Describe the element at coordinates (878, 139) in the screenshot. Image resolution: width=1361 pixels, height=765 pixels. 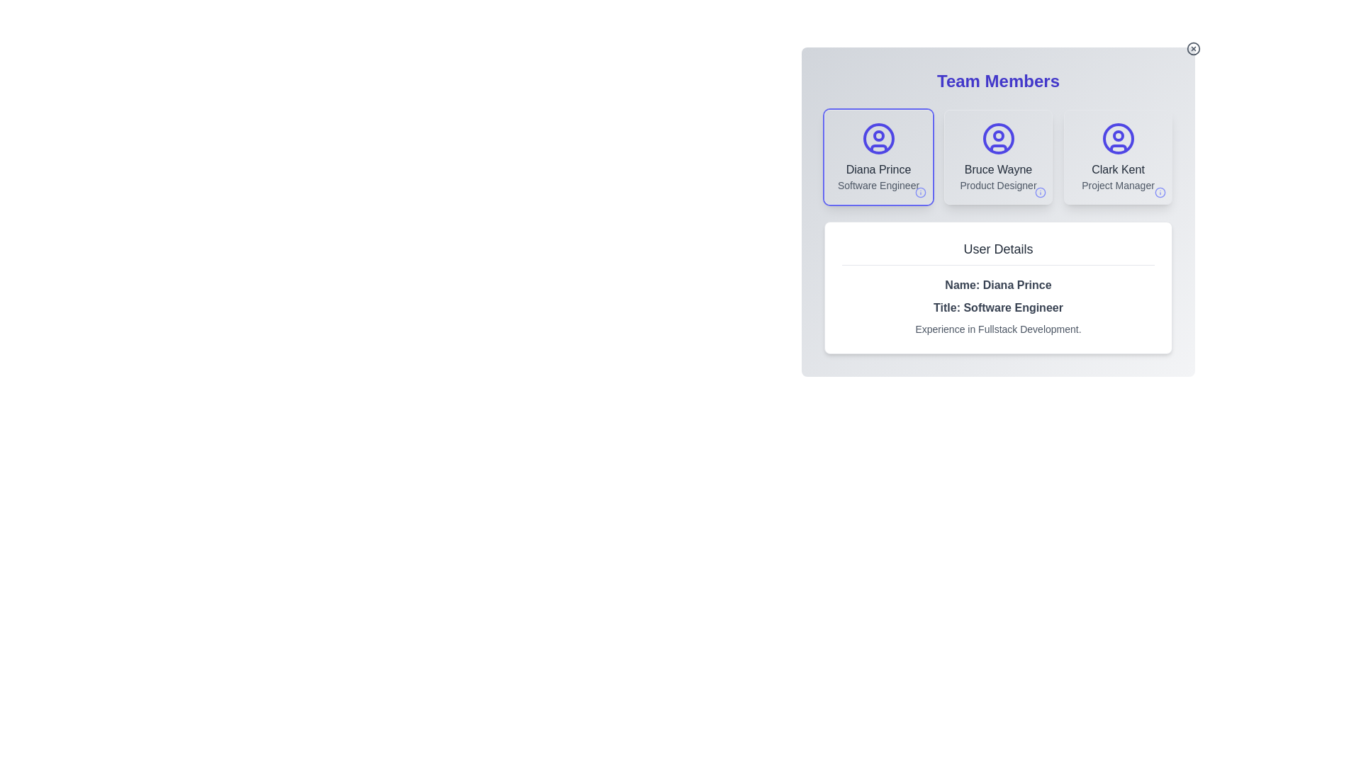
I see `the circular icon with a blue border representing the user avatar in the 'Diana Prince Software Engineer' user card` at that location.